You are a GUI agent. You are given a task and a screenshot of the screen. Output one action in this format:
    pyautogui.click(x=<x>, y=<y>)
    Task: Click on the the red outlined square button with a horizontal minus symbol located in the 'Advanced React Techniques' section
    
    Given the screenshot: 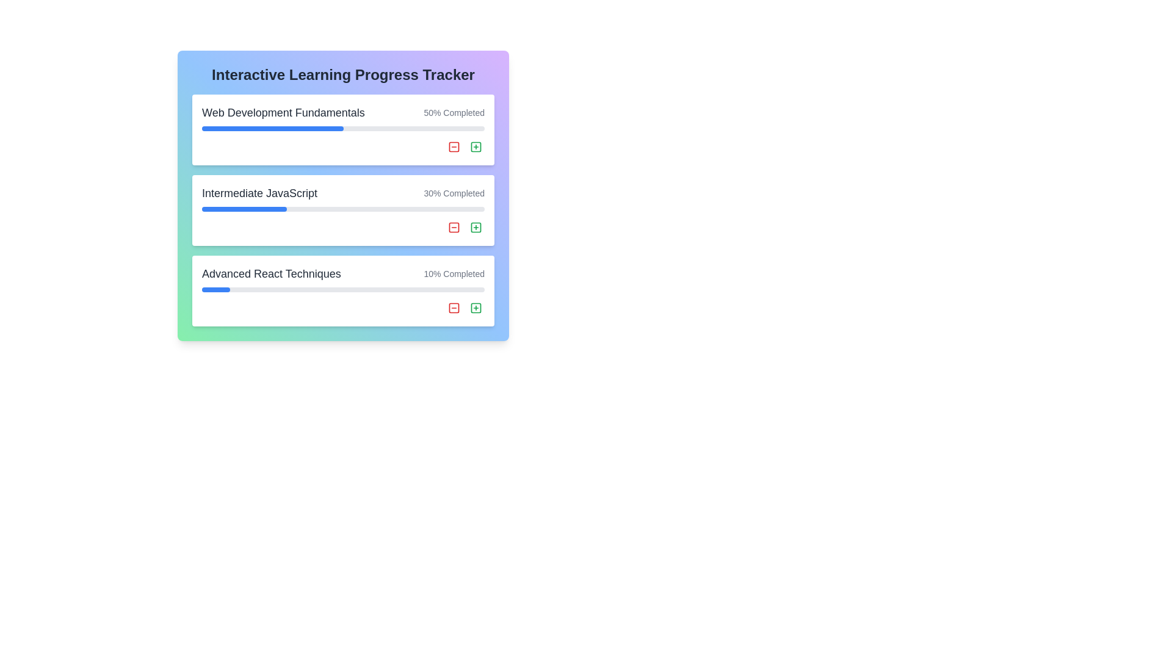 What is the action you would take?
    pyautogui.click(x=454, y=308)
    